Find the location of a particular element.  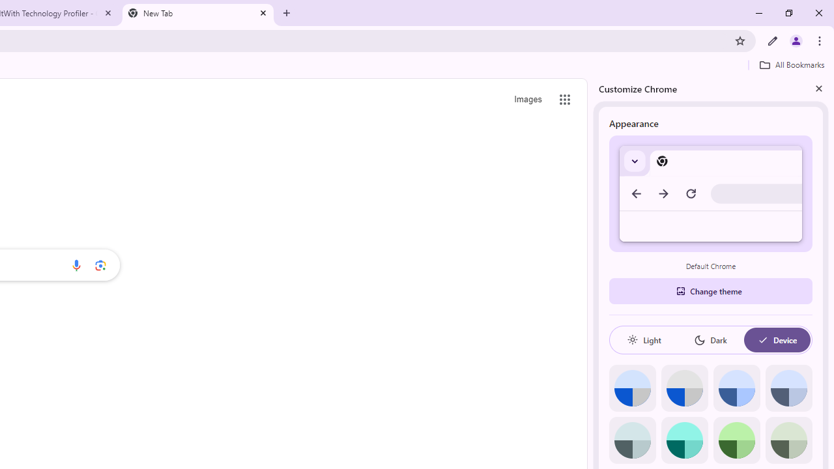

'AutomationID: baseSvg' is located at coordinates (762, 339).